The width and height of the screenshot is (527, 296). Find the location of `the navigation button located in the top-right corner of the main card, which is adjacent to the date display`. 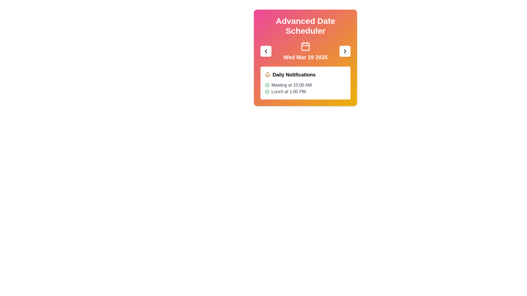

the navigation button located in the top-right corner of the main card, which is adjacent to the date display is located at coordinates (345, 51).